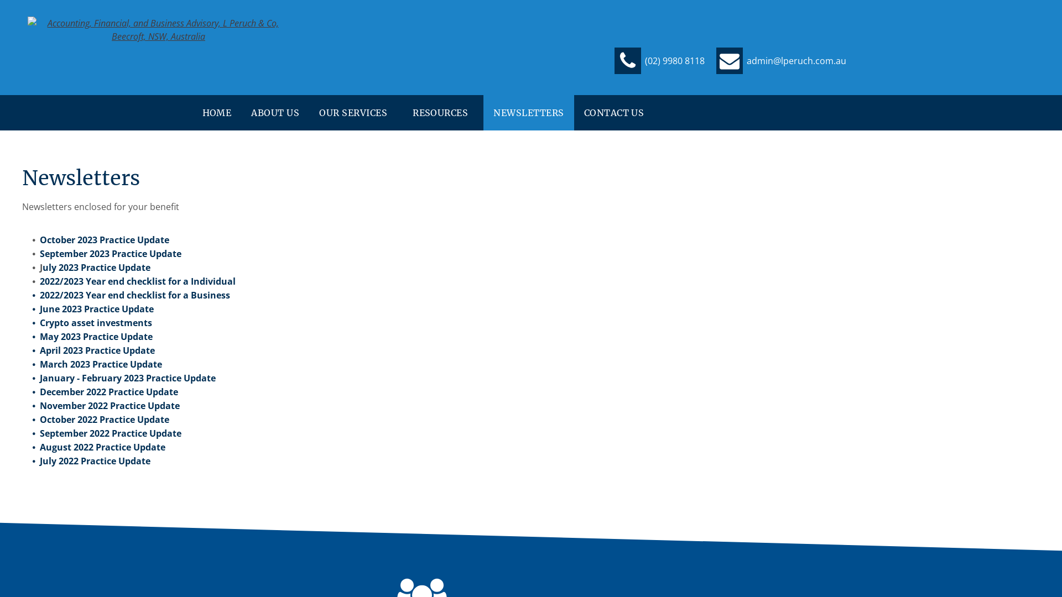  Describe the element at coordinates (780, 60) in the screenshot. I see `'admin@lperuch.com.au'` at that location.